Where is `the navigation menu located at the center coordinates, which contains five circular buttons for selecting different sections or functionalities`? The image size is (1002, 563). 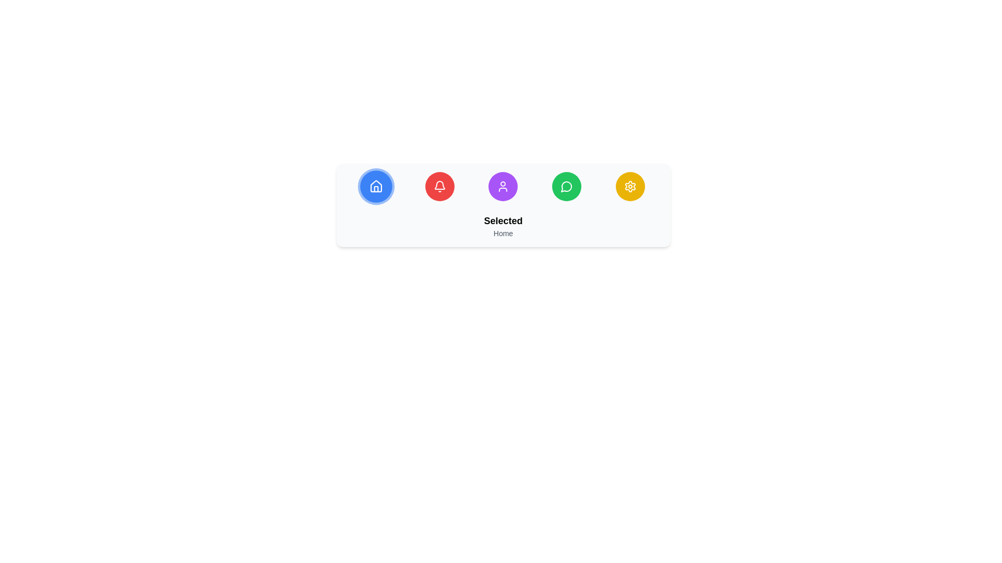 the navigation menu located at the center coordinates, which contains five circular buttons for selecting different sections or functionalities is located at coordinates (503, 205).